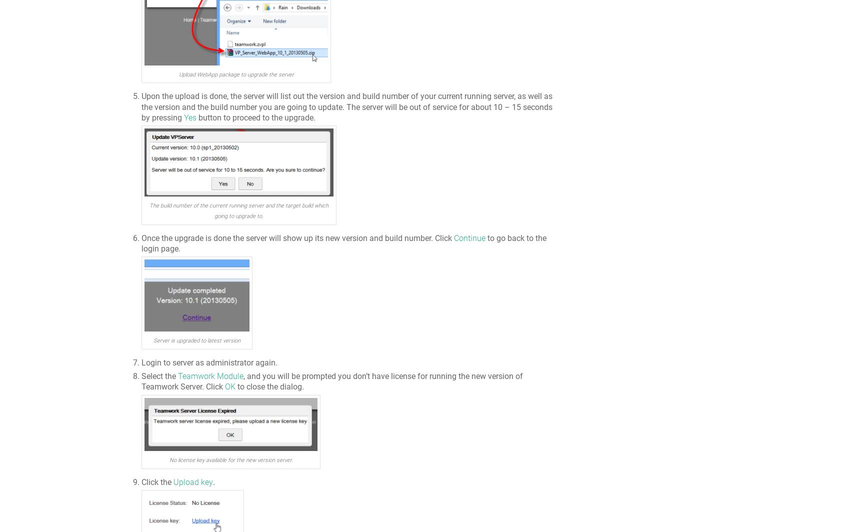 This screenshot has height=532, width=842. Describe the element at coordinates (212, 481) in the screenshot. I see `'.'` at that location.